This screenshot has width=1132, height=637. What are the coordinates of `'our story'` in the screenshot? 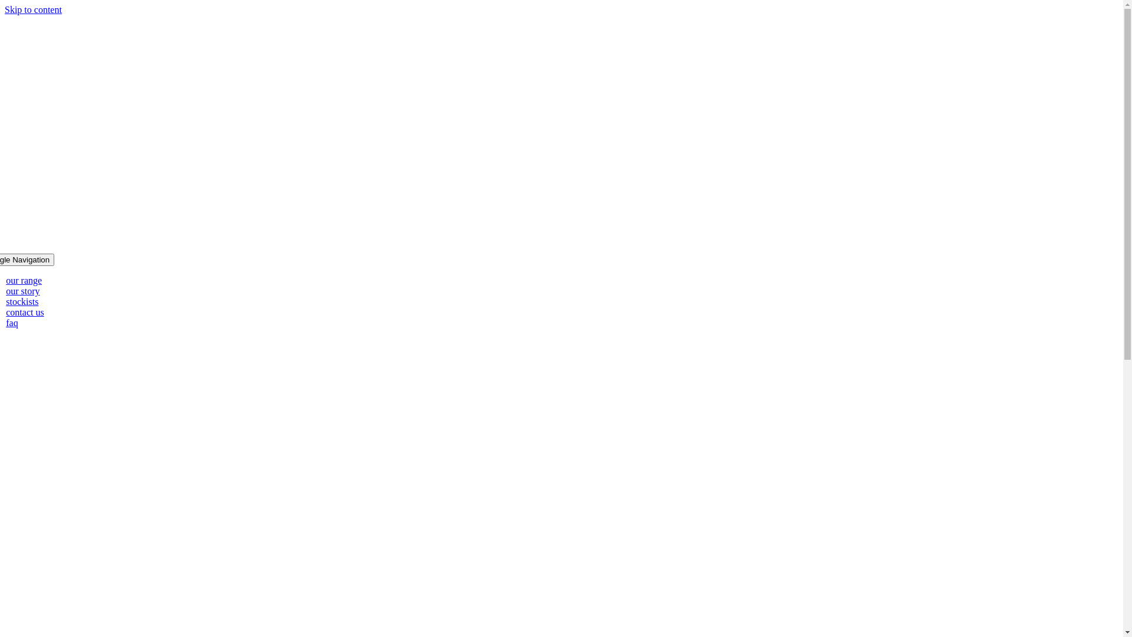 It's located at (22, 291).